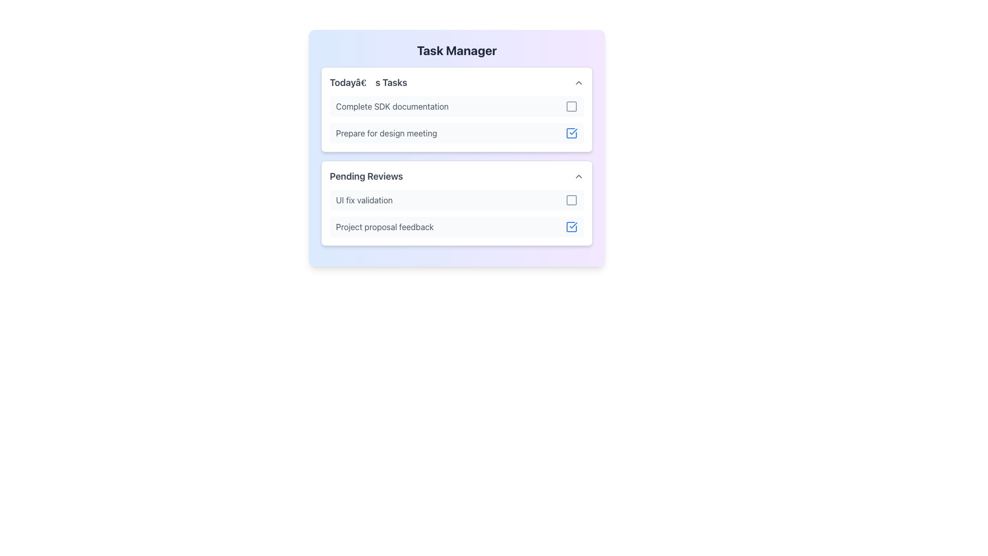 The image size is (988, 556). I want to click on the small gray outlined button located to the right of the 'Complete SDK documentation' text in the 'Today's Tasks' section, so click(571, 107).